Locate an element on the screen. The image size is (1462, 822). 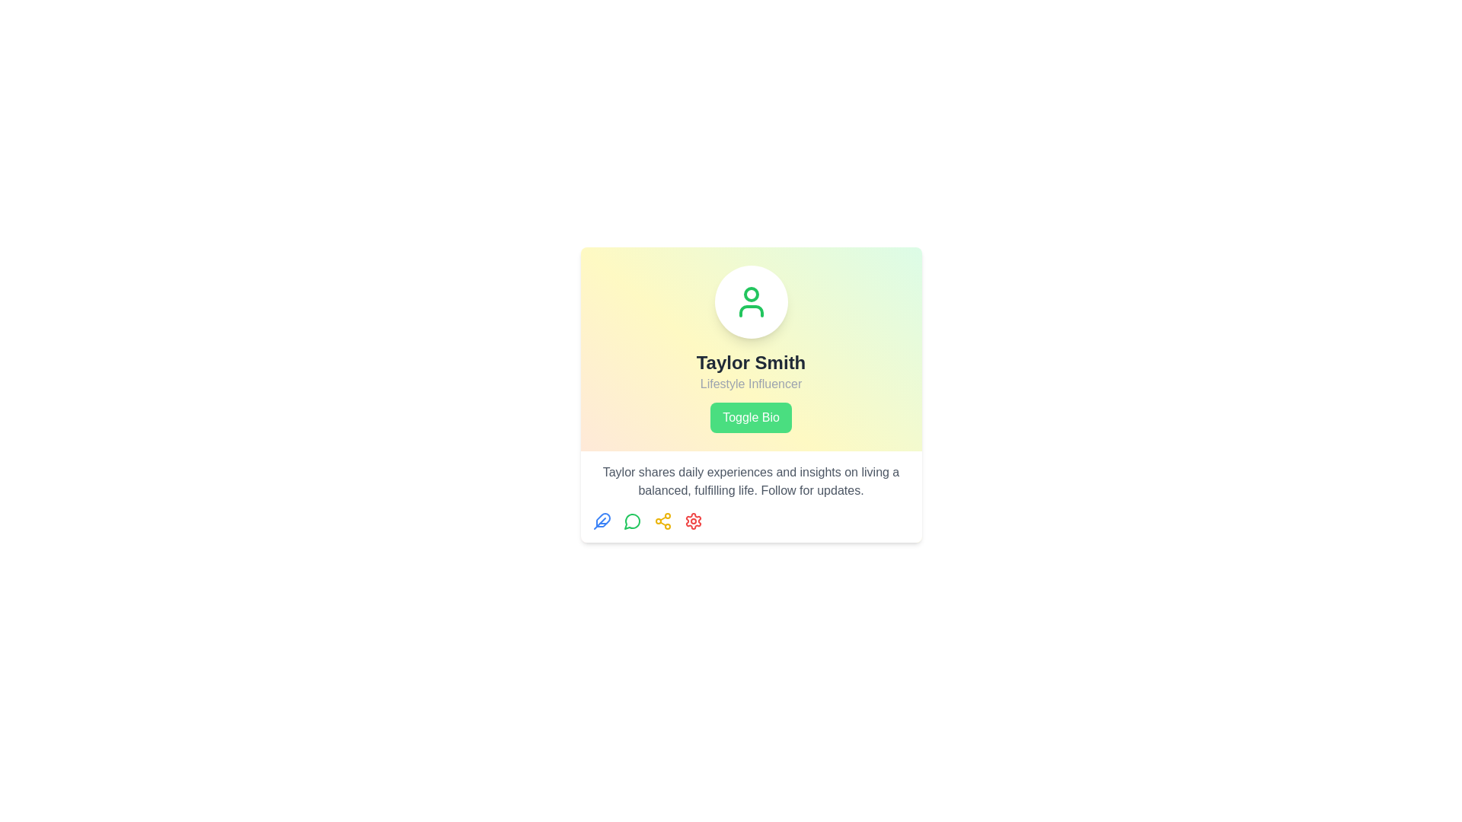
the editing or customization icon located in the bottom-left corner of the user card is located at coordinates (602, 519).